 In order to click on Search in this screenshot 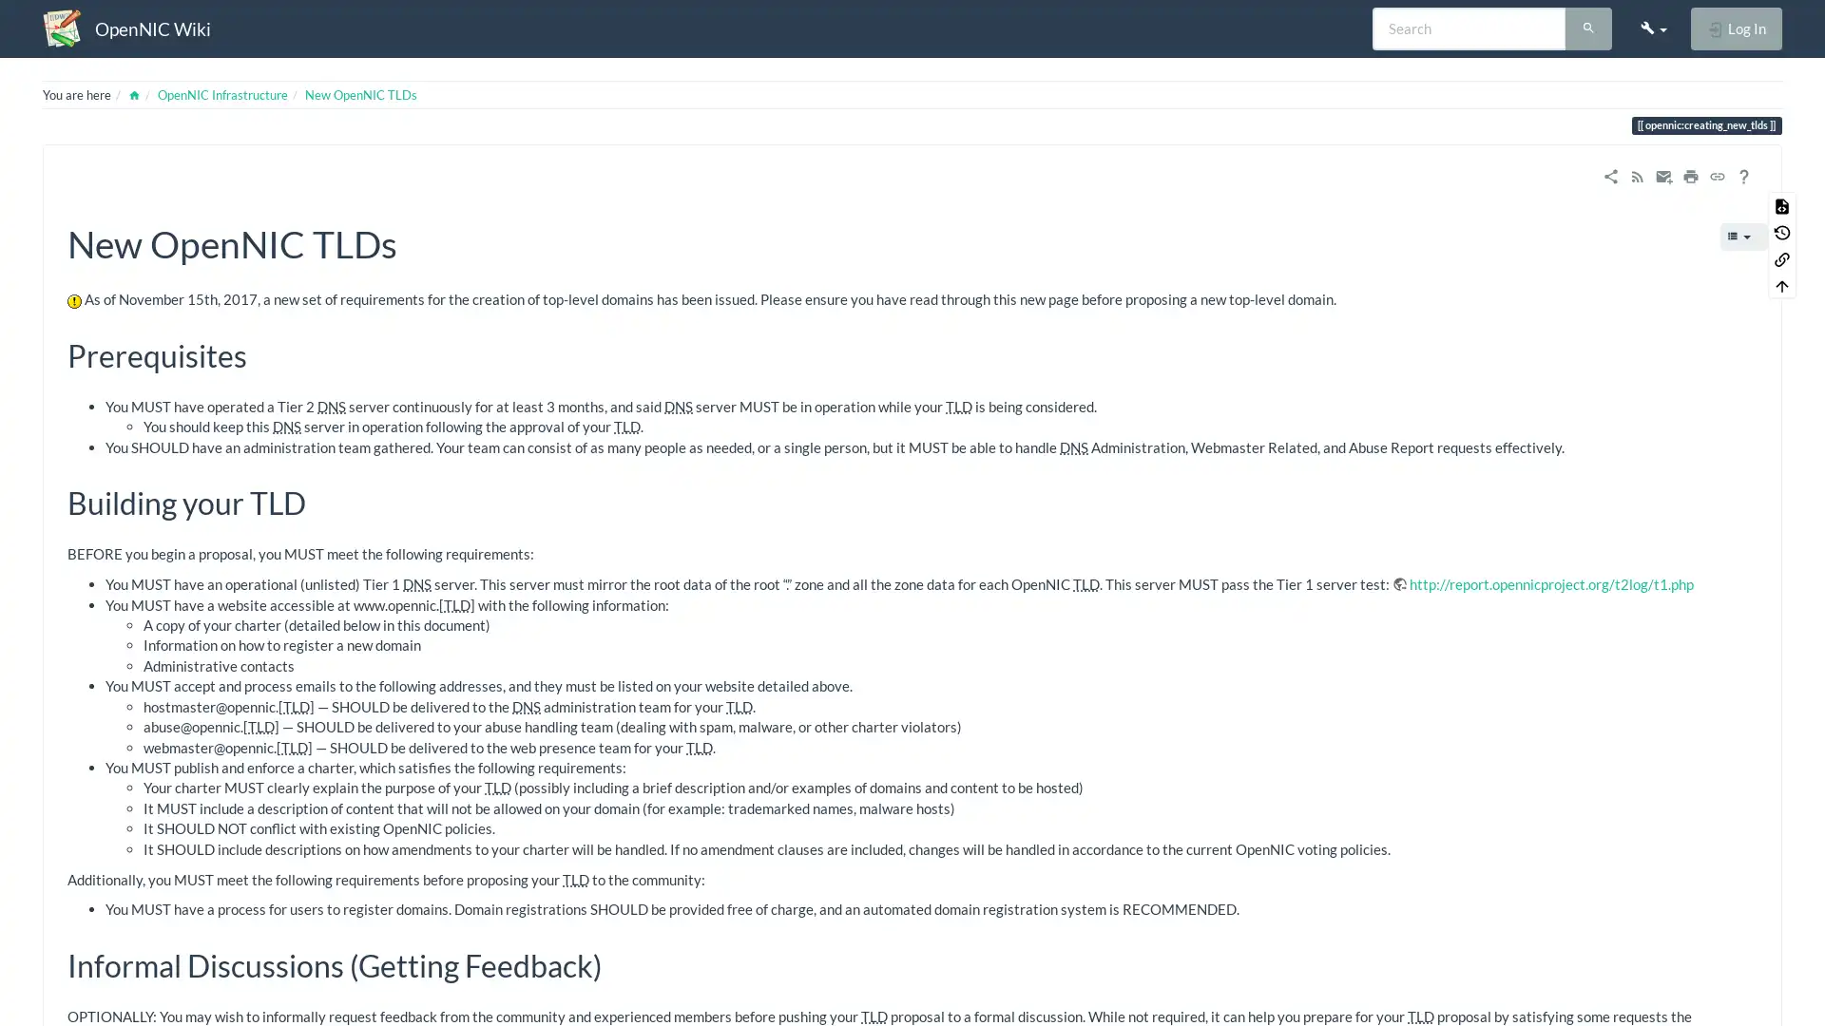, I will do `click(1587, 28)`.